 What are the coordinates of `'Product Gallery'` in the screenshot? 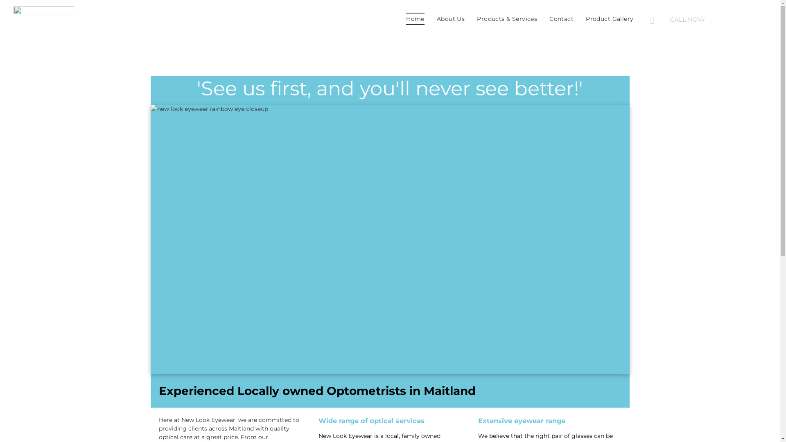 It's located at (609, 18).